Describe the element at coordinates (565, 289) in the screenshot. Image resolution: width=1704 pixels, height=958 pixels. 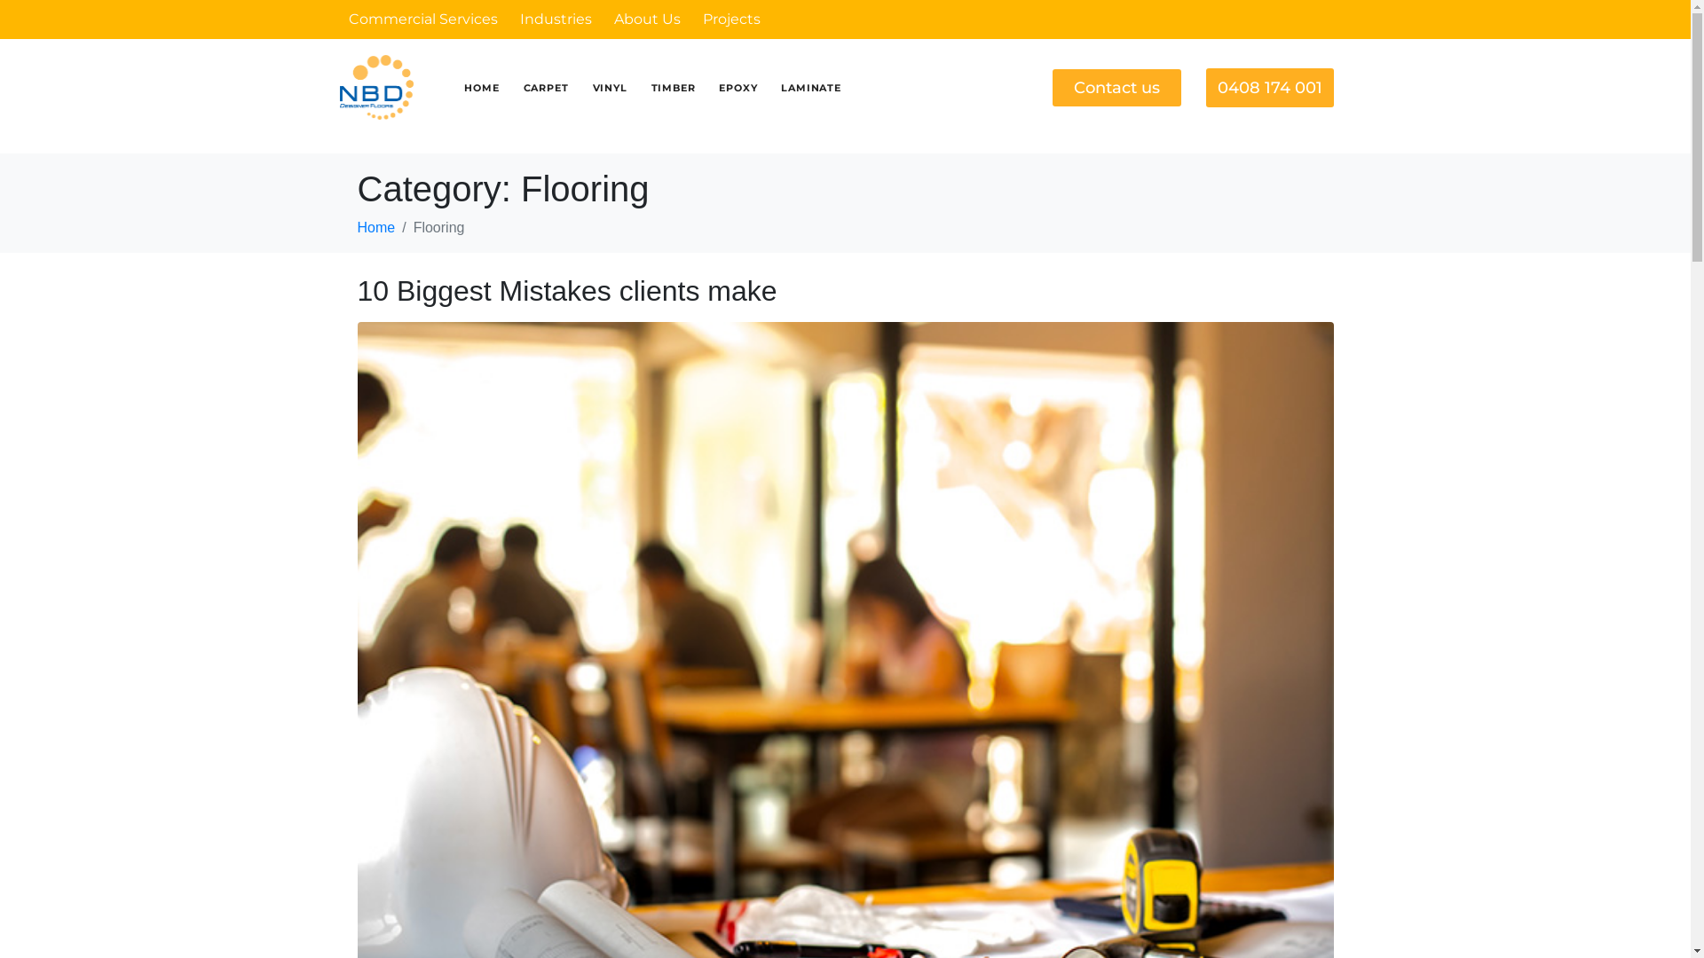
I see `'10 Biggest Mistakes clients make'` at that location.